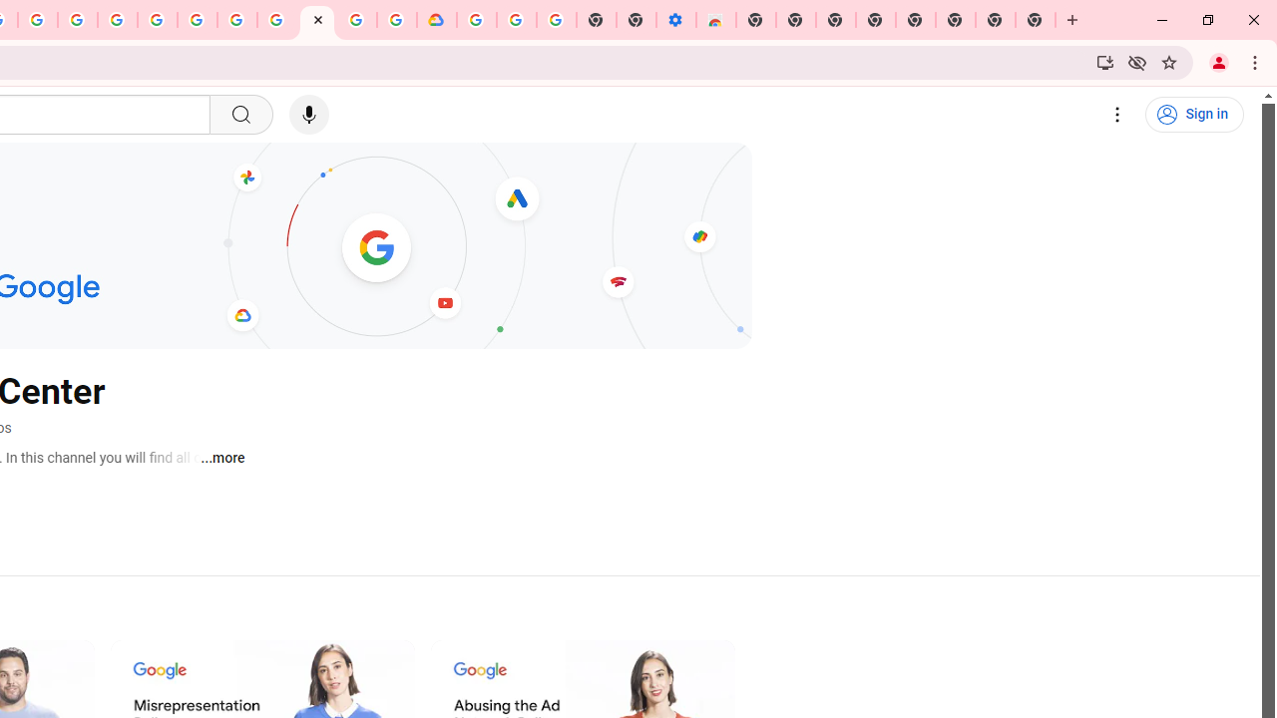 The height and width of the screenshot is (718, 1277). What do you see at coordinates (1136, 61) in the screenshot?
I see `'Third-party cookies blocked'` at bounding box center [1136, 61].